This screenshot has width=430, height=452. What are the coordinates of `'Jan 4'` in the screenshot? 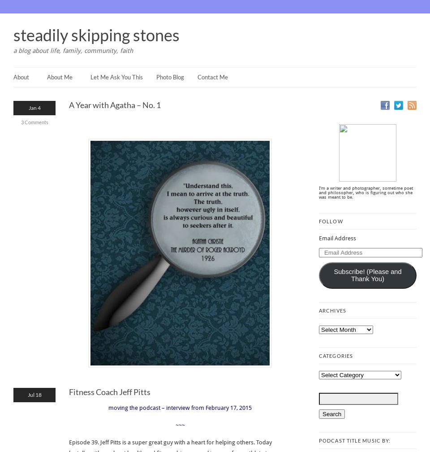 It's located at (34, 108).